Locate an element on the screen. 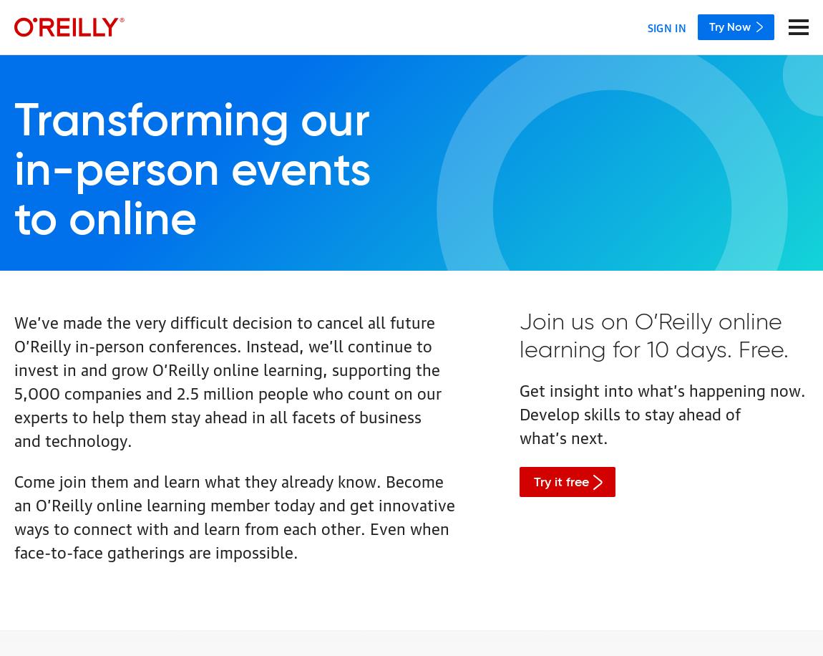 This screenshot has width=823, height=656. 'Transforming our' is located at coordinates (191, 122).